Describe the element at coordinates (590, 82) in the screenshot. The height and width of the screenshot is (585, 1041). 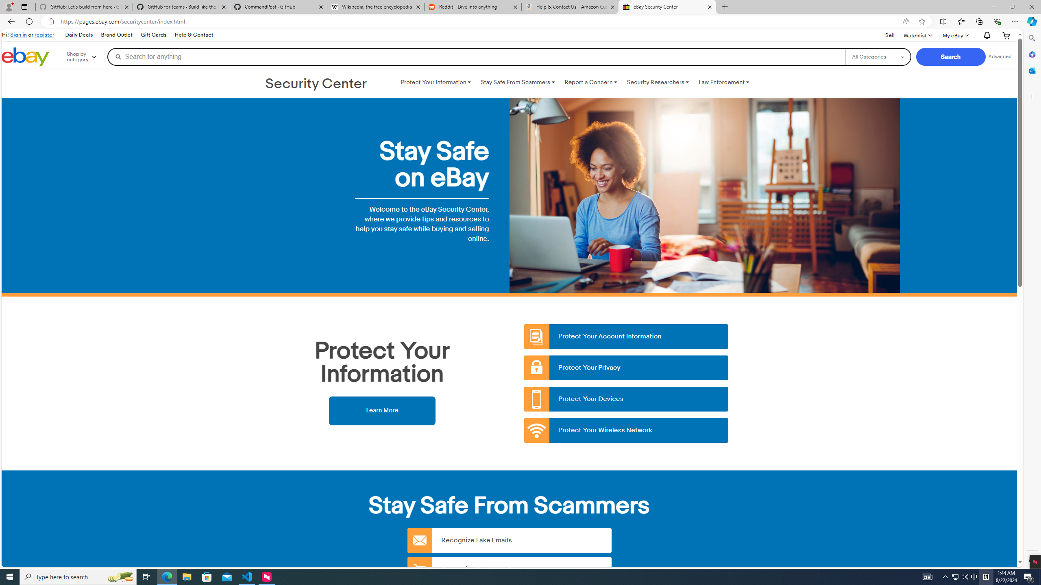
I see `'Report a Concern '` at that location.